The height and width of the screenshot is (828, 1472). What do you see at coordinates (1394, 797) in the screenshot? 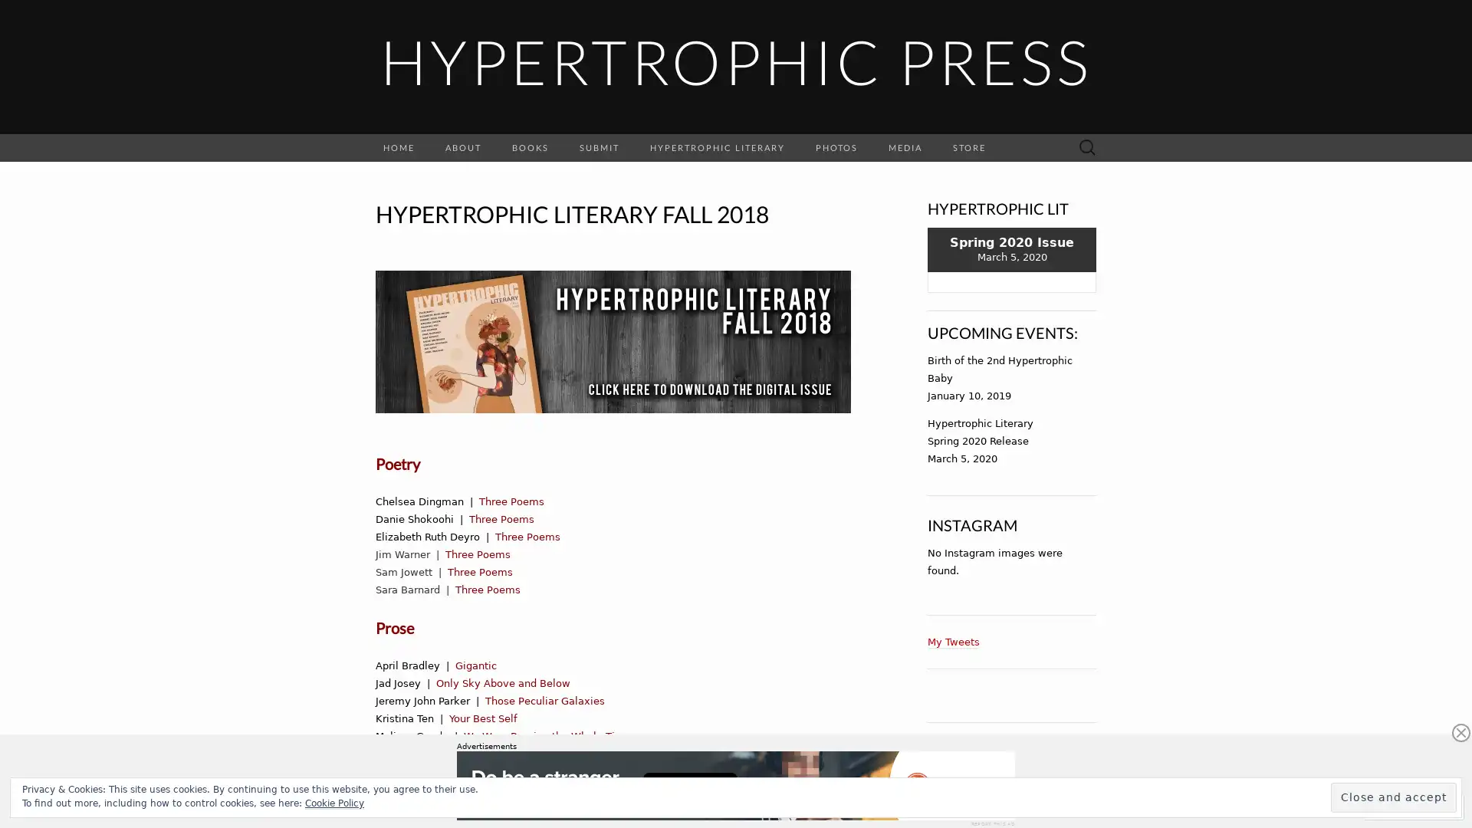
I see `Close and accept` at bounding box center [1394, 797].